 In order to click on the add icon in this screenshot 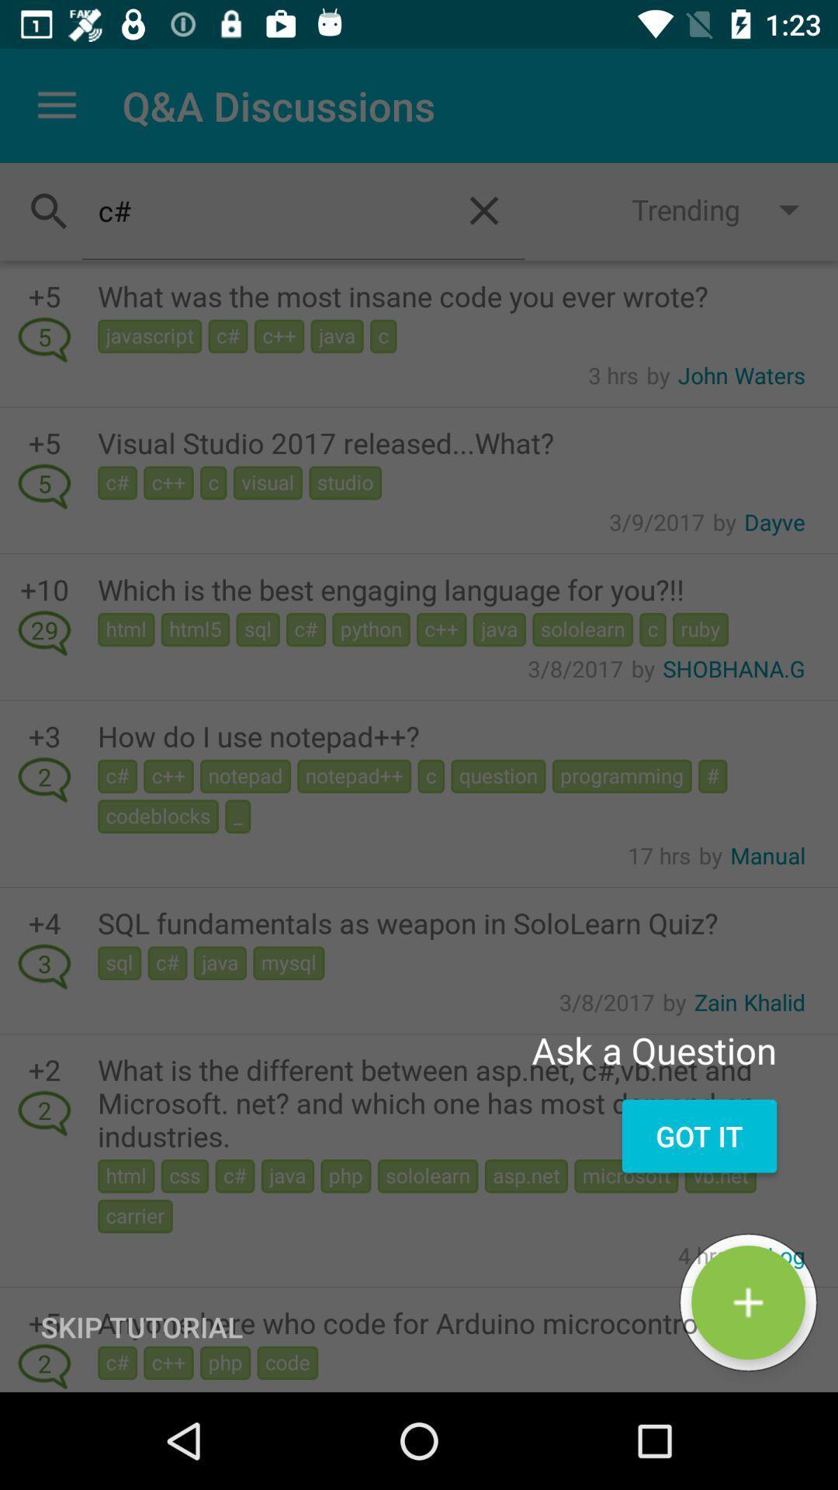, I will do `click(747, 1302)`.